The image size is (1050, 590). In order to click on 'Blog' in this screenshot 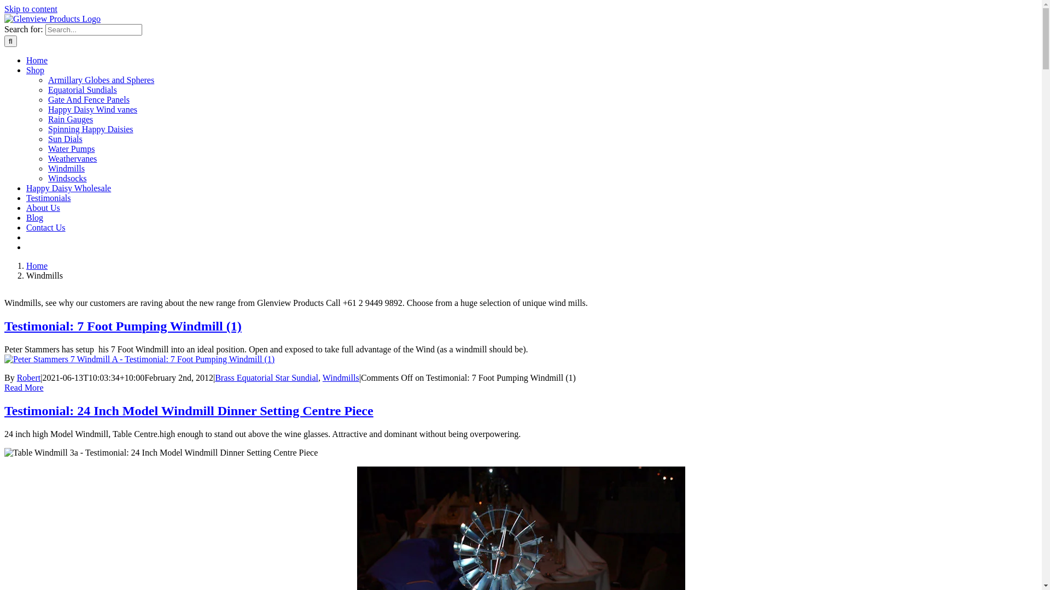, I will do `click(34, 217)`.